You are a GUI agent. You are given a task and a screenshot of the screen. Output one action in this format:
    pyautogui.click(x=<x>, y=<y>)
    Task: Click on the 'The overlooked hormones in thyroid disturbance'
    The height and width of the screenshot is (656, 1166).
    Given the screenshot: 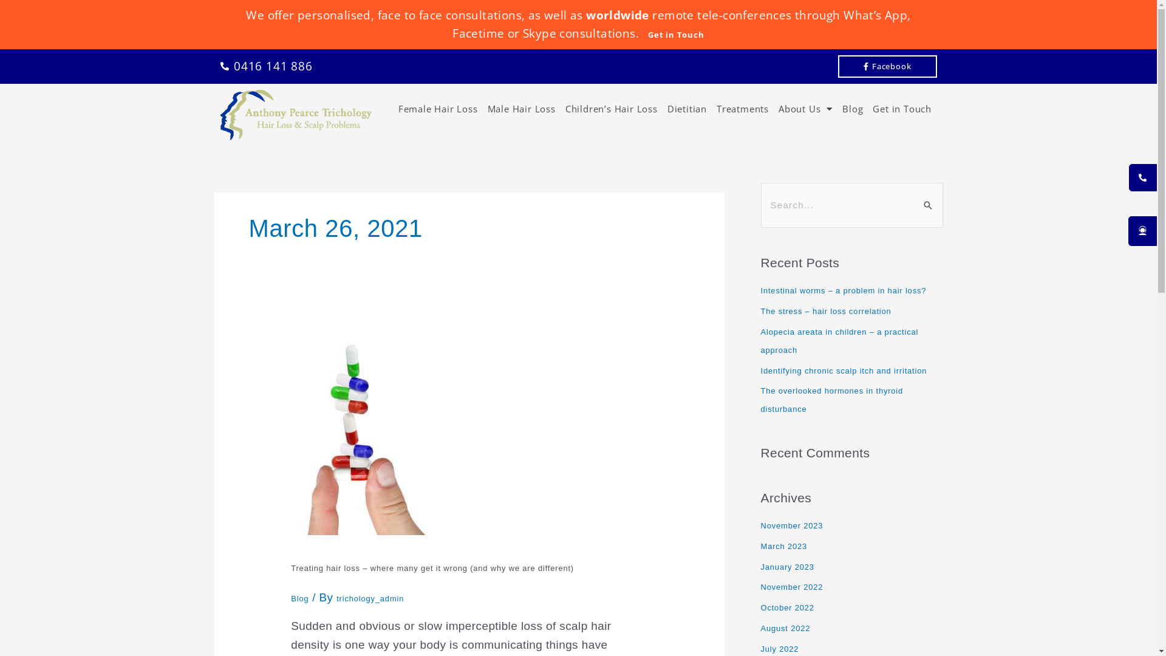 What is the action you would take?
    pyautogui.click(x=831, y=400)
    